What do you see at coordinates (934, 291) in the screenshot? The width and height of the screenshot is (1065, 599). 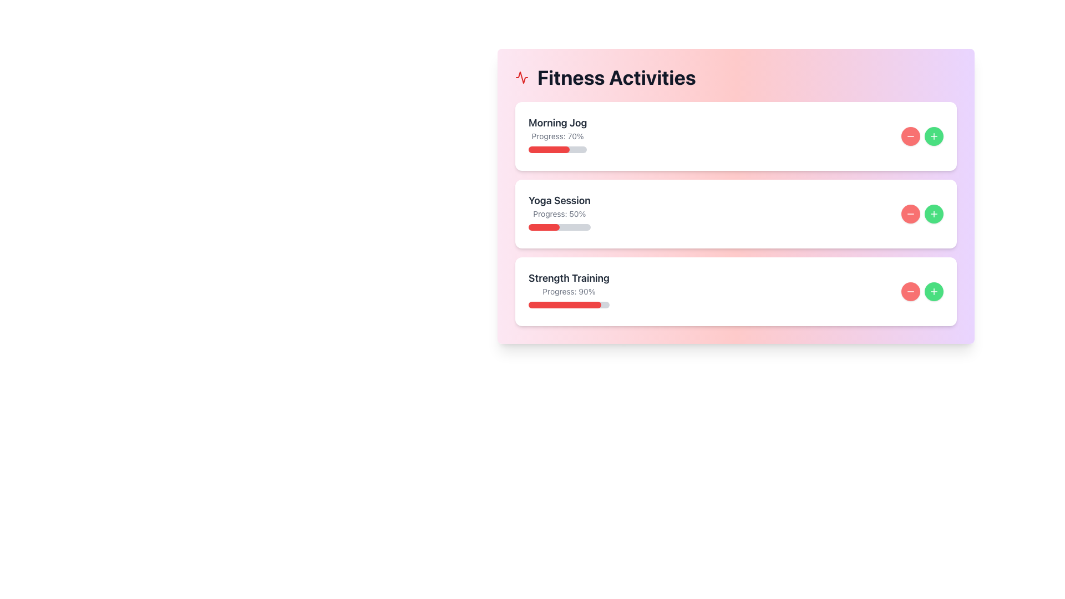 I see `the green circular button featuring a plus icon, which is located at the far-right side of the topmost row in the activities list` at bounding box center [934, 291].